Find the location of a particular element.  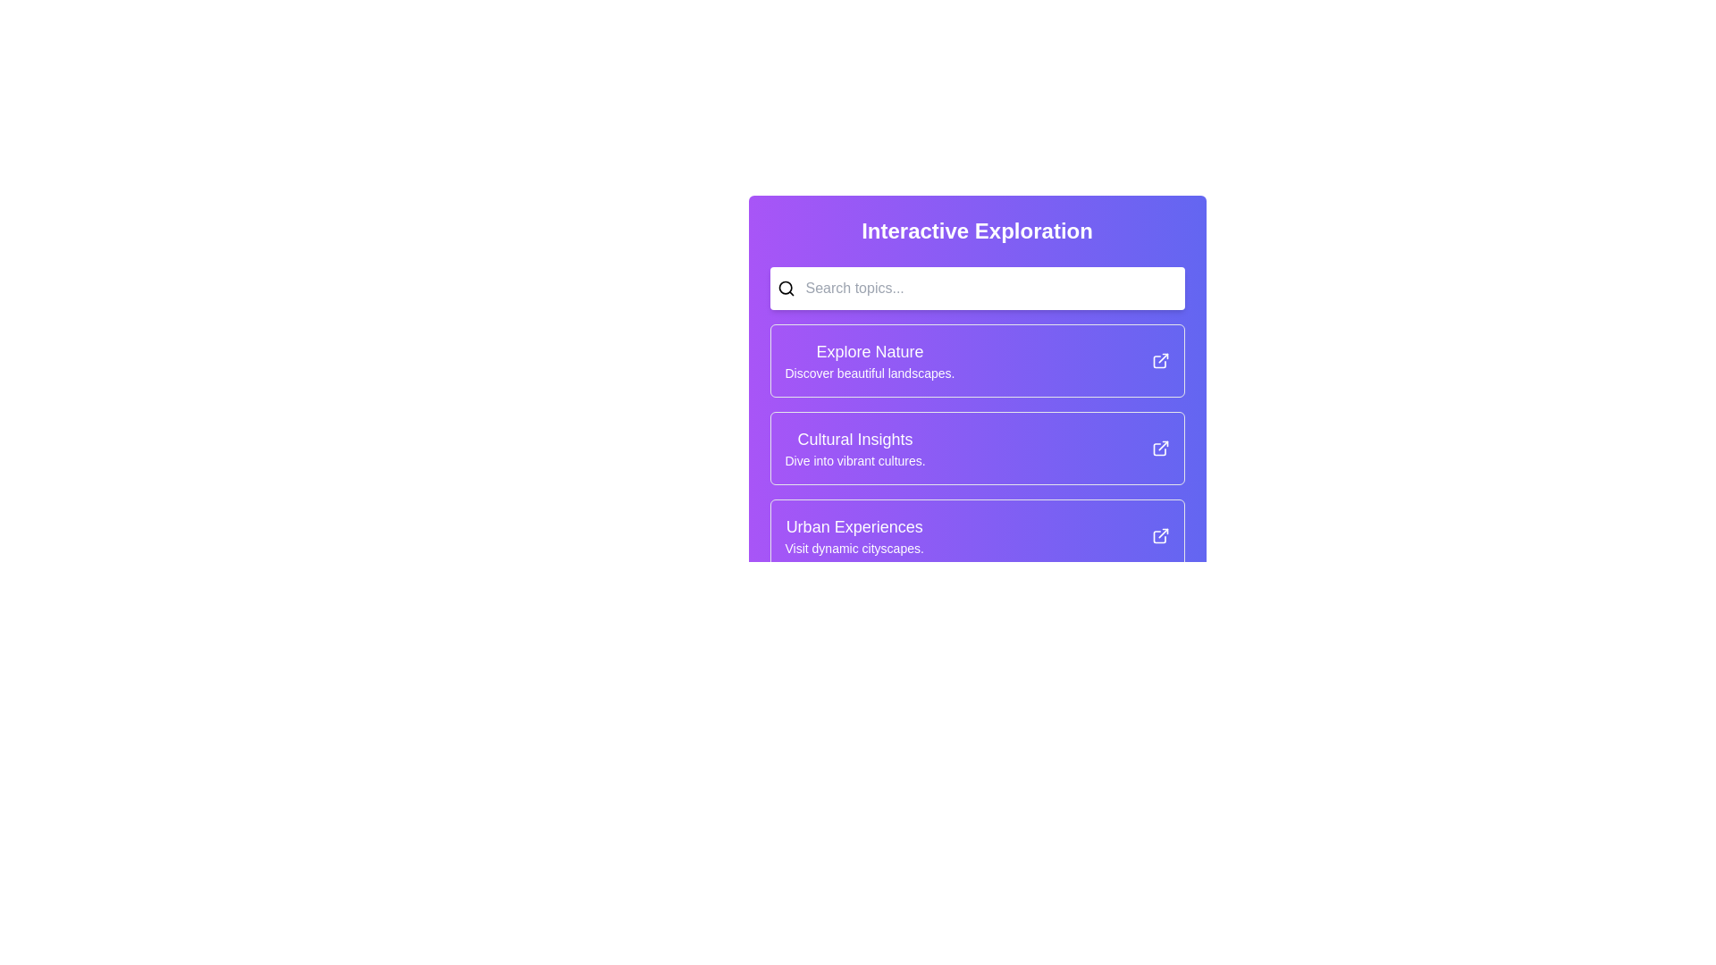

the external link icon located at the far right of the 'Urban Experiences' text block is located at coordinates (1160, 535).